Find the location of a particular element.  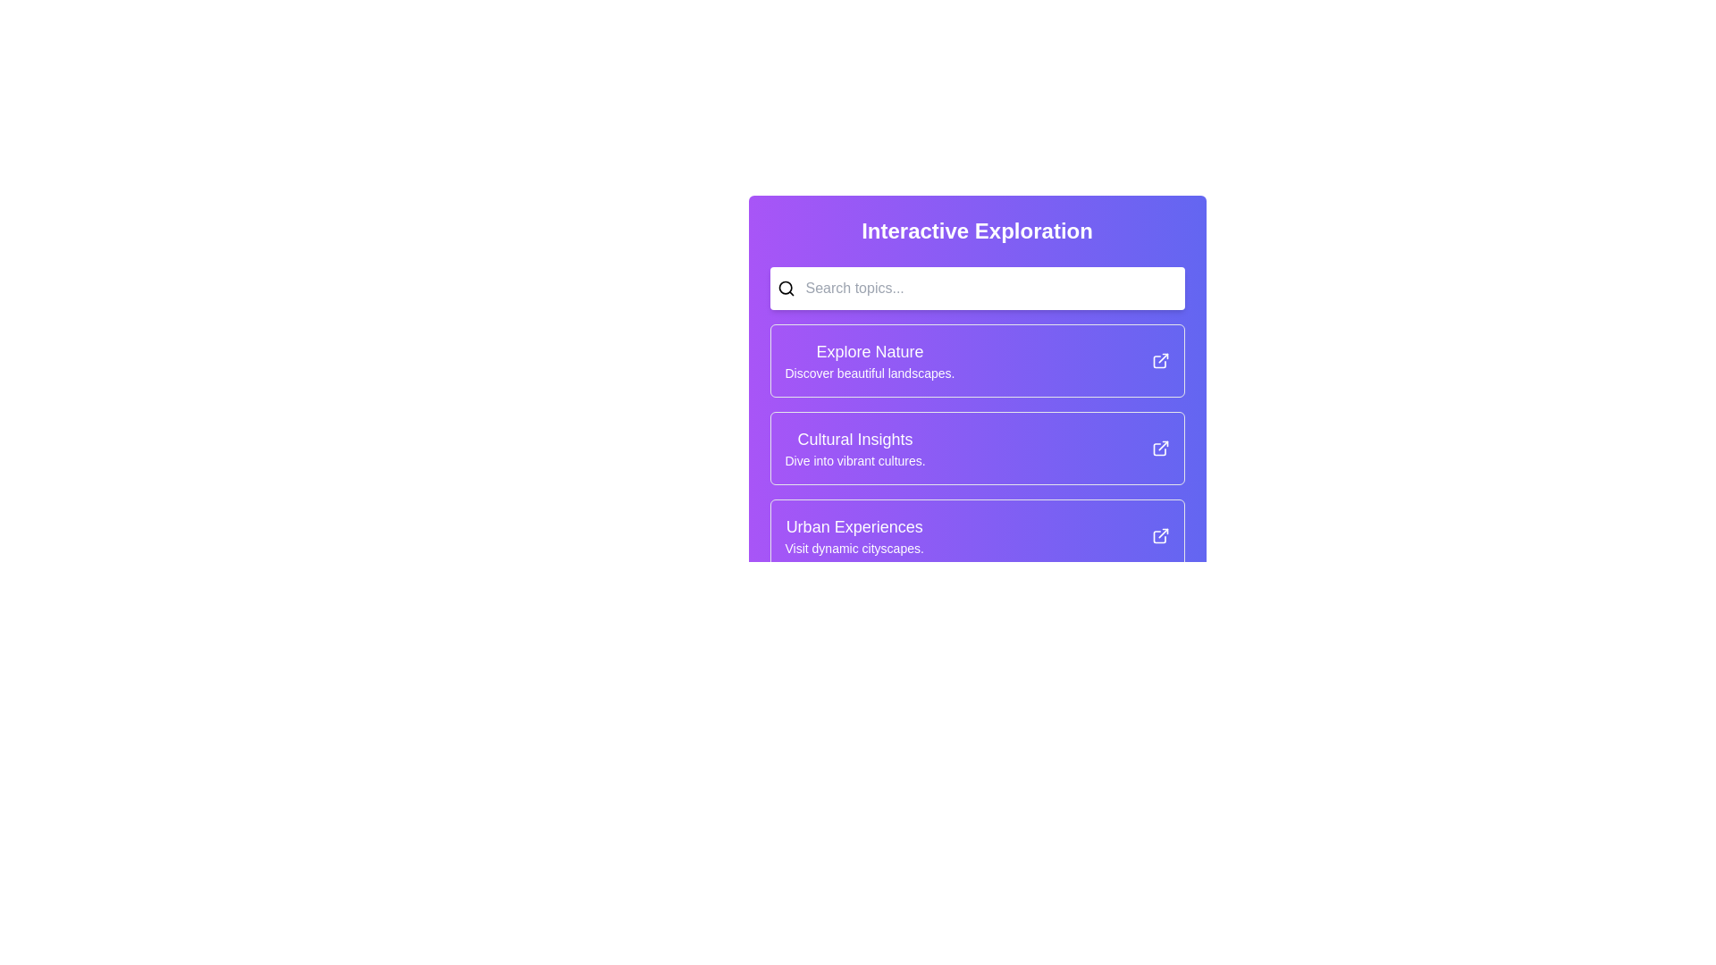

the external link icon located at the far right of the 'Urban Experiences' text block is located at coordinates (1160, 535).